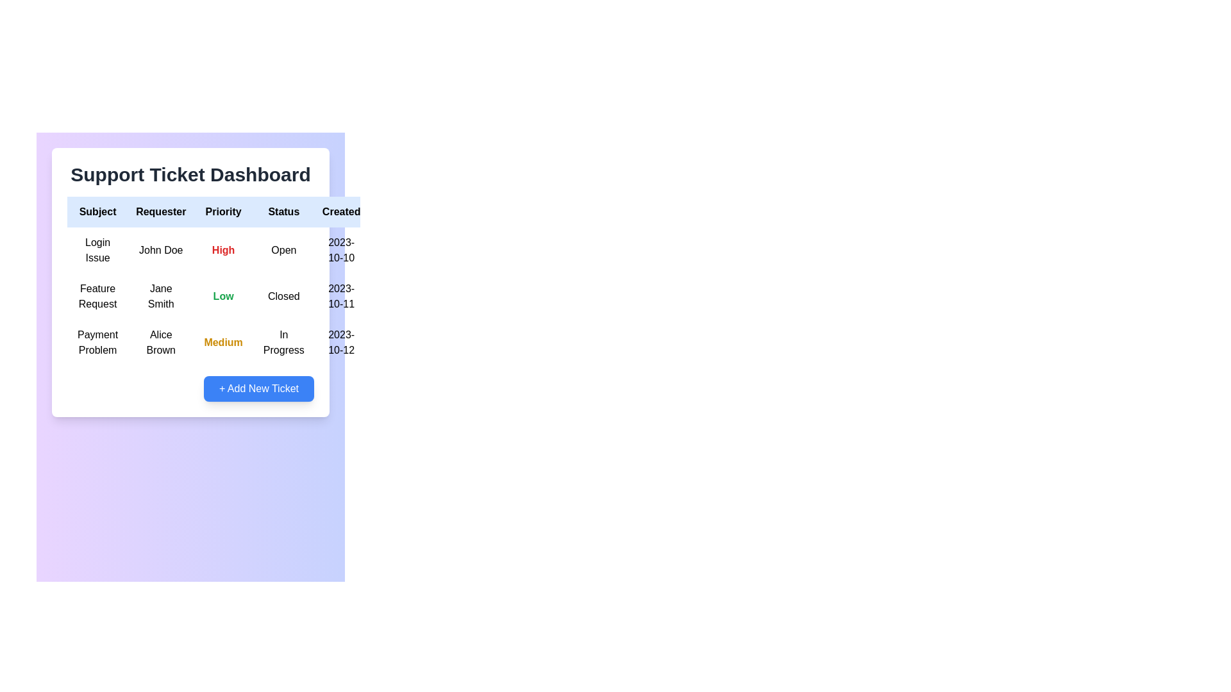  I want to click on the priority level label located in the third row under the 'Priority' column in the table, aligned with 'Payment Problem' and 'Alice Brown', so click(223, 342).